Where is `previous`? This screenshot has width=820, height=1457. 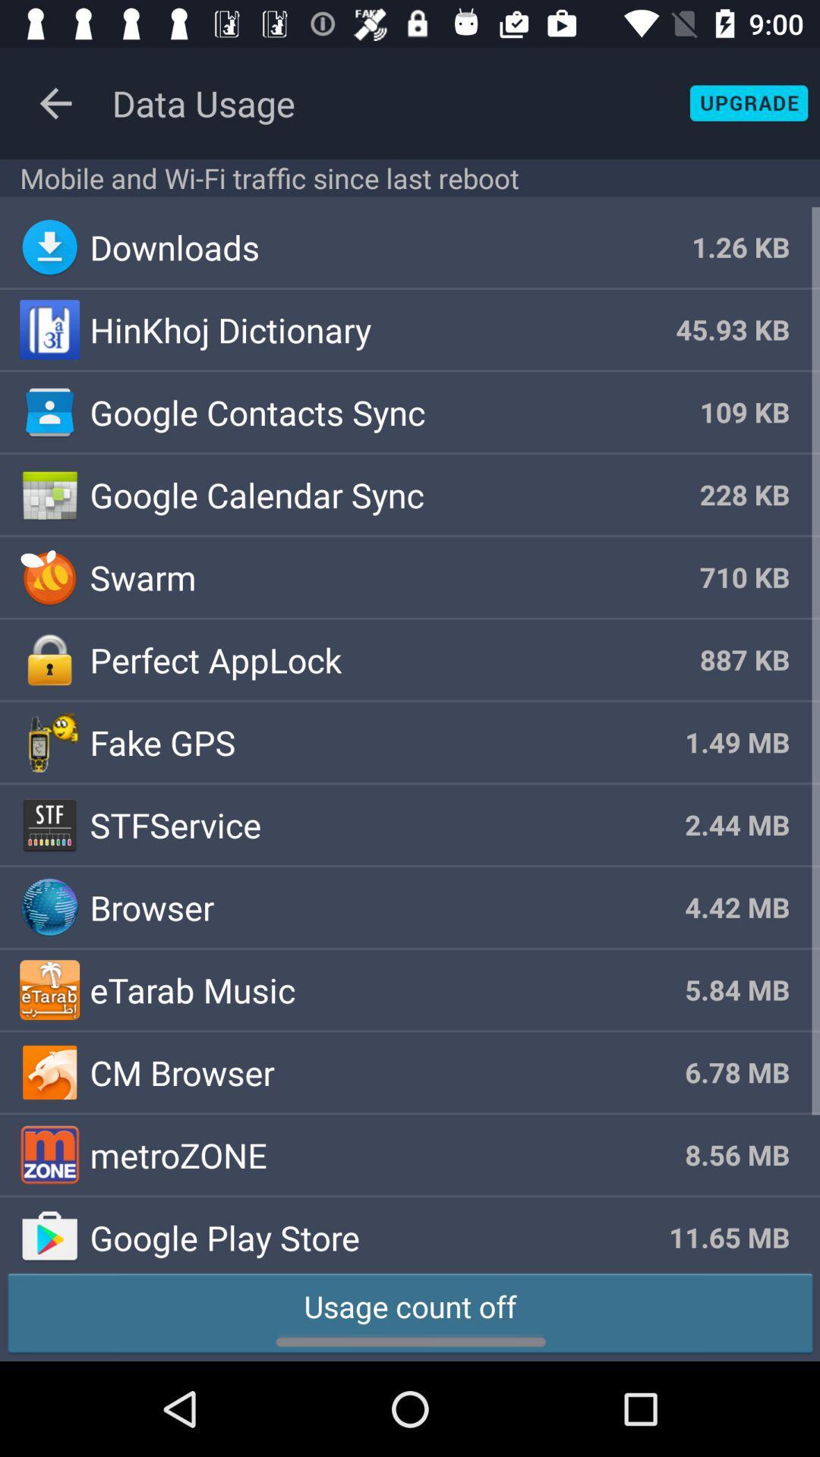 previous is located at coordinates (55, 102).